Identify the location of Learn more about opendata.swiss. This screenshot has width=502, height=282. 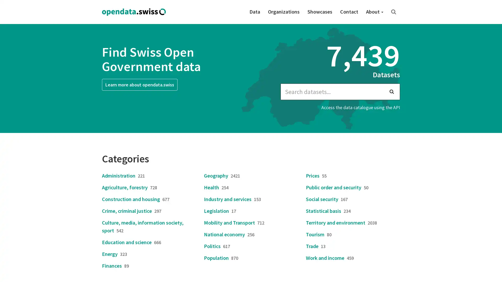
(140, 84).